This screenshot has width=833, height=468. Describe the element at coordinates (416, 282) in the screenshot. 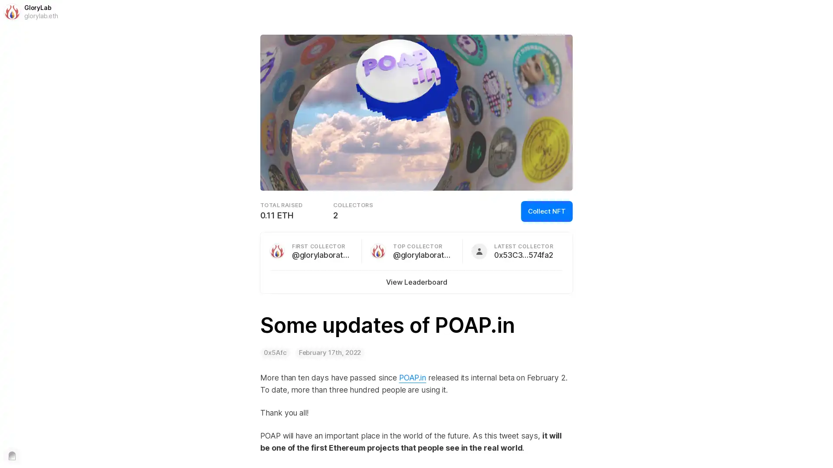

I see `View Leaderboard` at that location.